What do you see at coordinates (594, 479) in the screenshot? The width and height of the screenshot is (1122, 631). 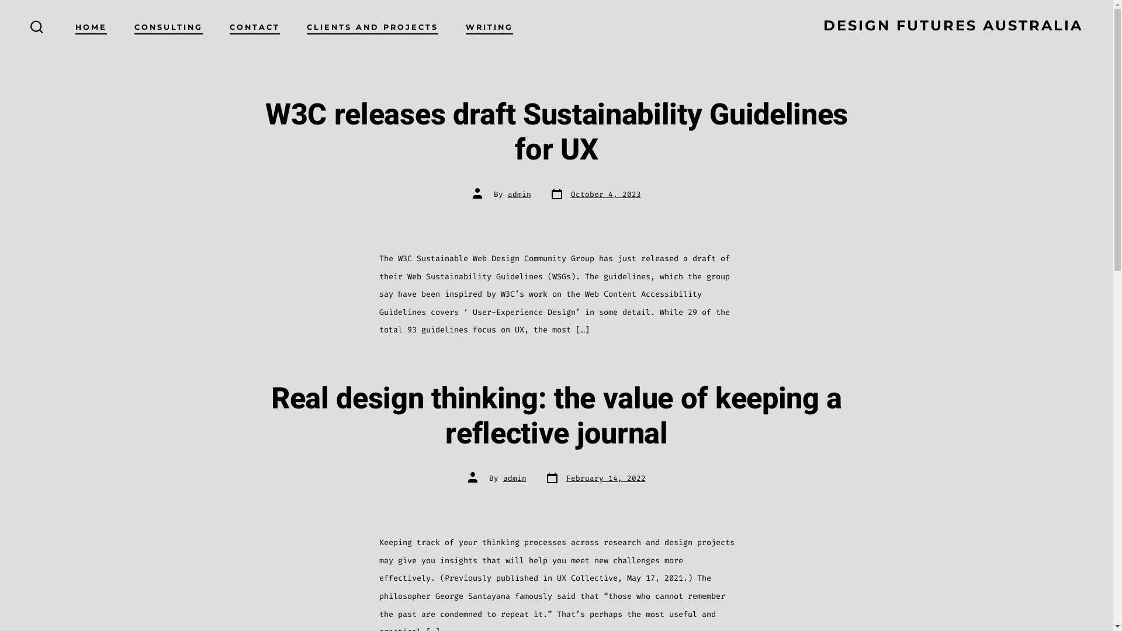 I see `'Post date` at bounding box center [594, 479].